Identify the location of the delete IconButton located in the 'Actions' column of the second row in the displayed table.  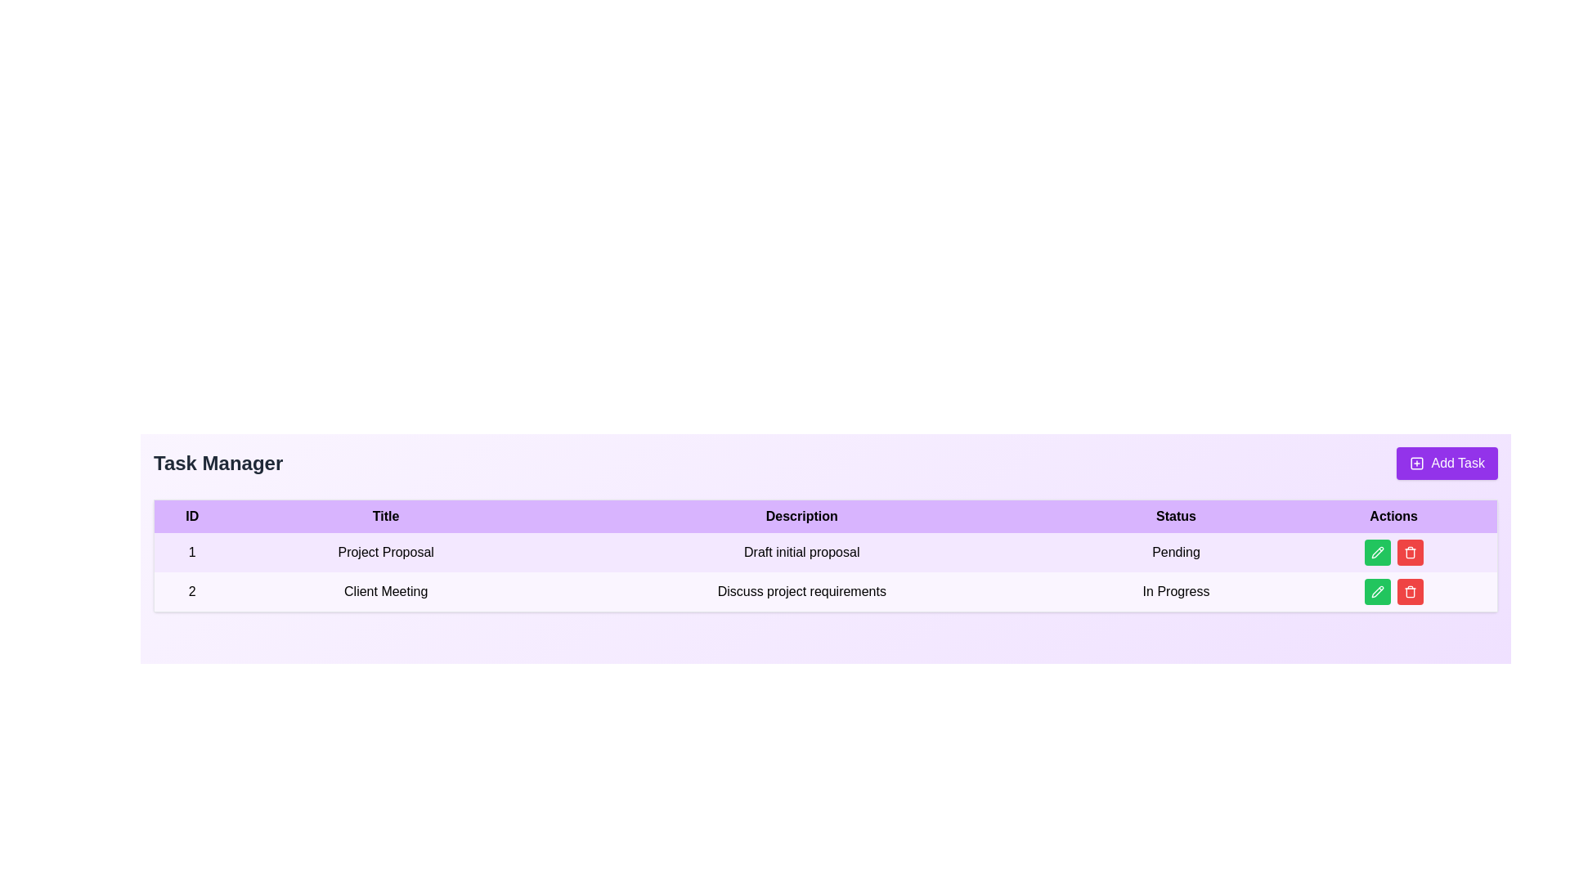
(1409, 552).